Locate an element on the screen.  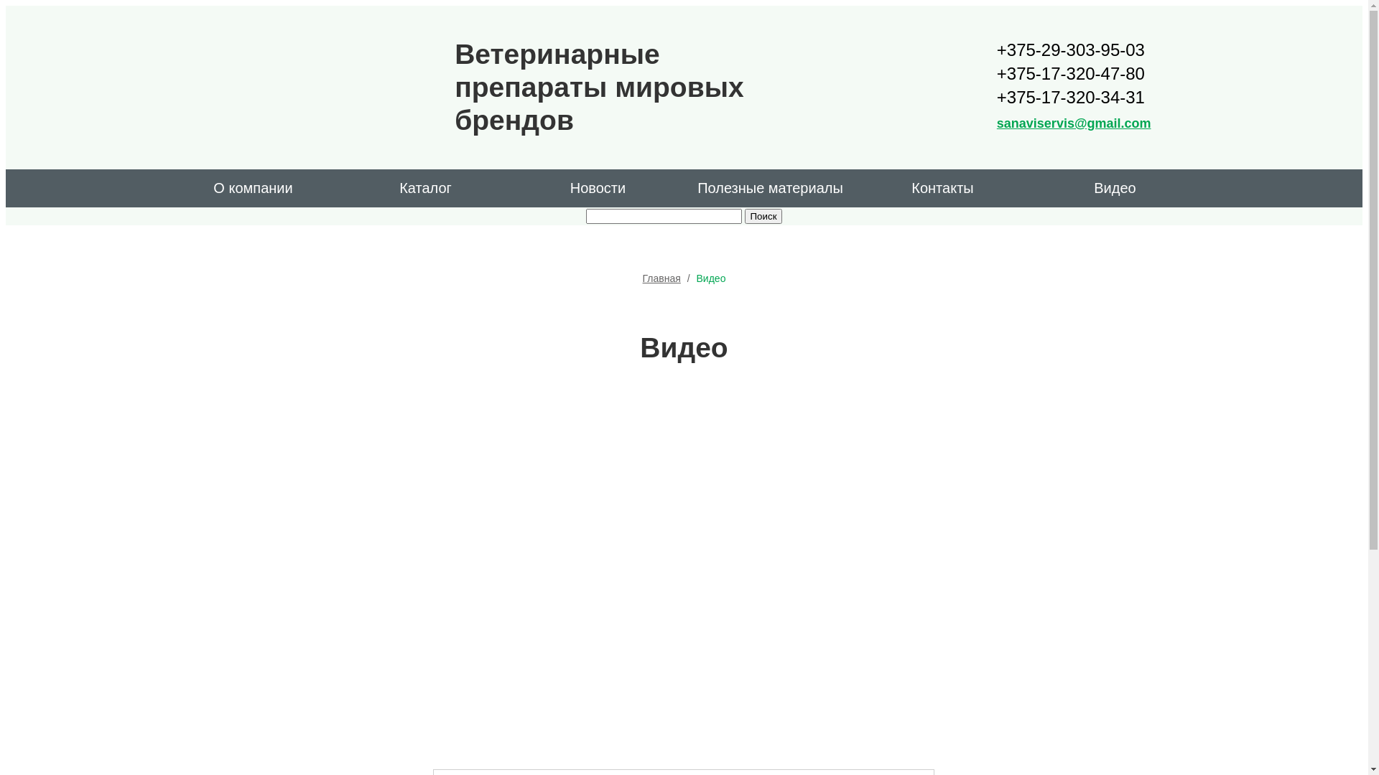
'+375-17-320-47-80' is located at coordinates (1074, 73).